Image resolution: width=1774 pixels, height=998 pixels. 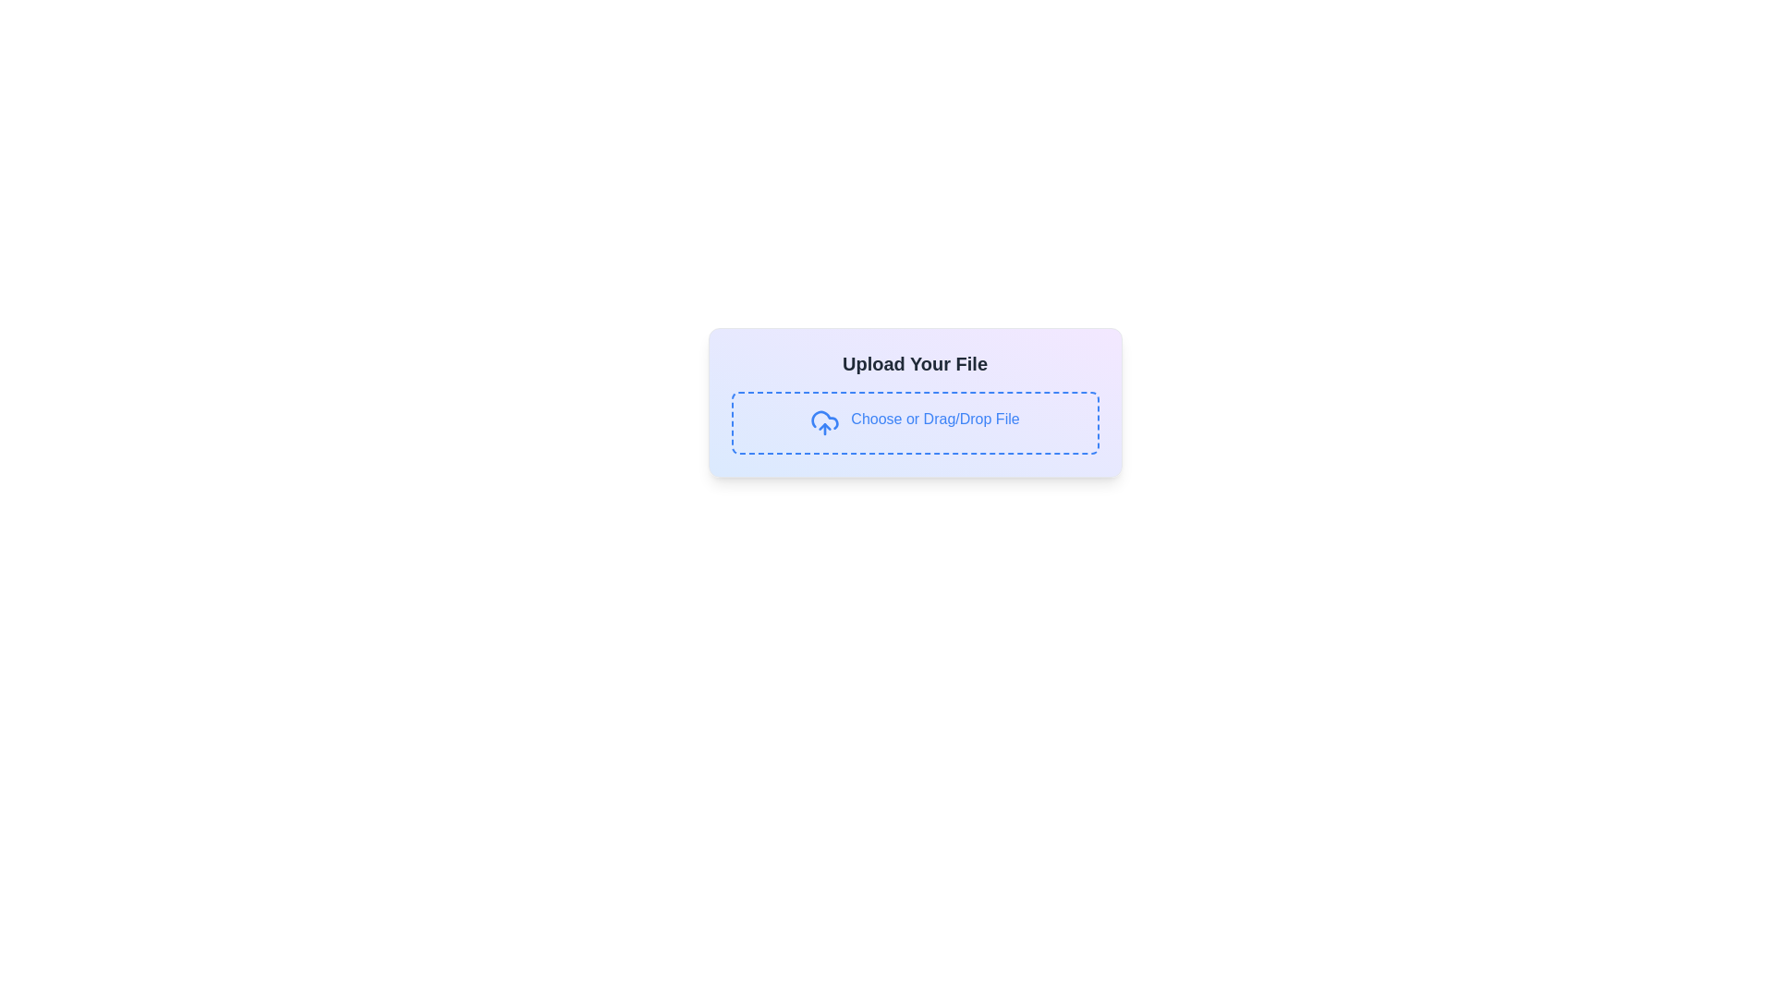 I want to click on the heading element that serves as a title for the file uploading functionality, located centrally above the dashed bordered box labeled 'Choose or Drag/Drop File', so click(x=915, y=363).